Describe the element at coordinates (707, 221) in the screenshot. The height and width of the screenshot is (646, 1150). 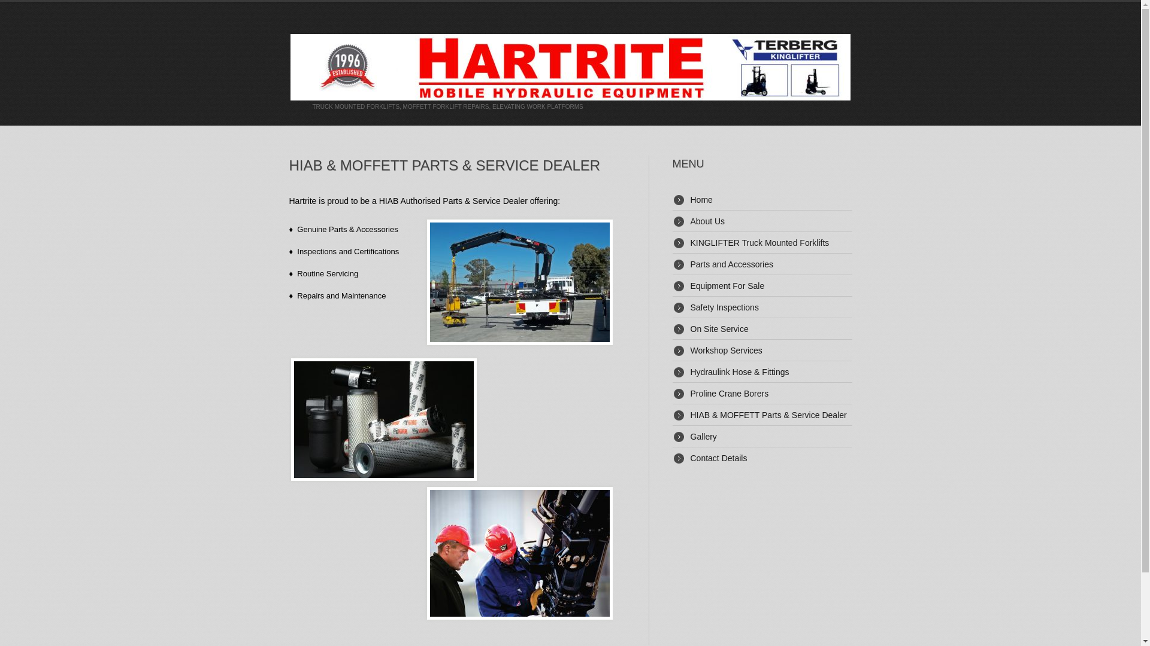
I see `'About Us'` at that location.